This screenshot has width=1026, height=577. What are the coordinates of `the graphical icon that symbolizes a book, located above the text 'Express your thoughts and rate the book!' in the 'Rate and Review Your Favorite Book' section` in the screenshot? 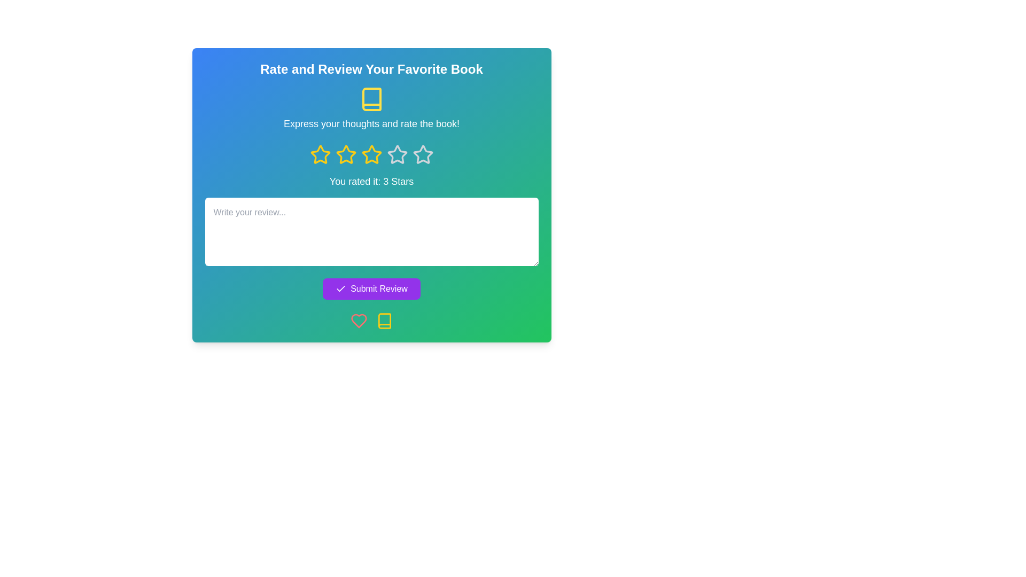 It's located at (371, 99).